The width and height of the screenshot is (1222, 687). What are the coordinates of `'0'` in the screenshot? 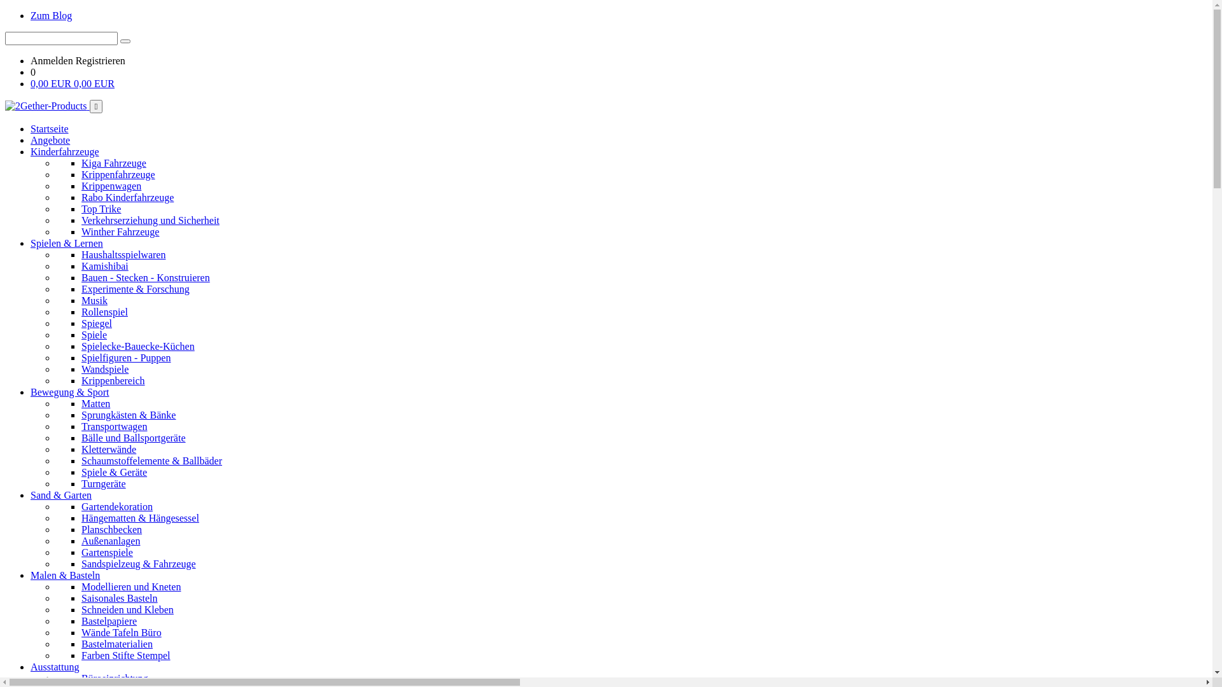 It's located at (33, 72).